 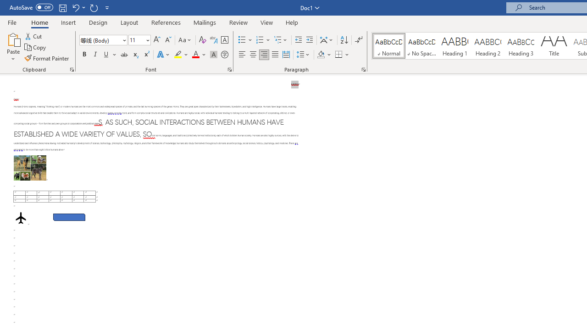 I want to click on 'Morphological variation in six dogs', so click(x=30, y=168).